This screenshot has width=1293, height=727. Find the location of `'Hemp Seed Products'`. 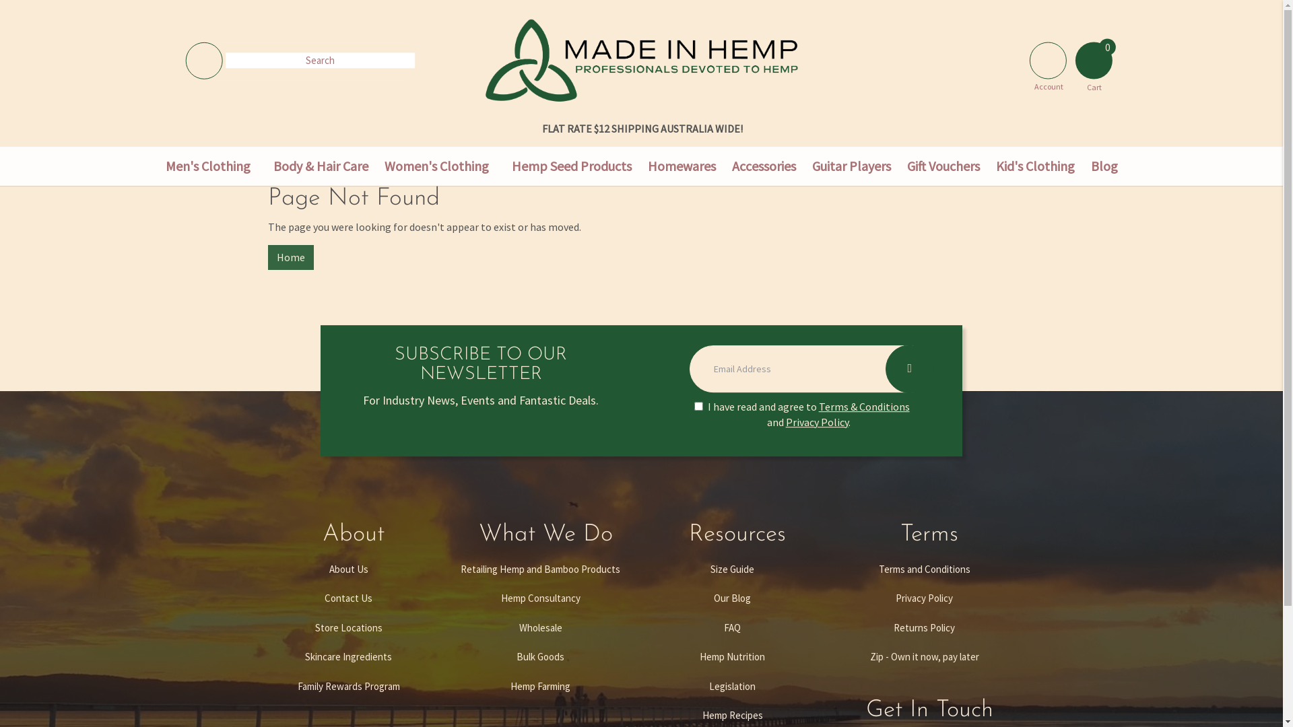

'Hemp Seed Products' is located at coordinates (503, 166).